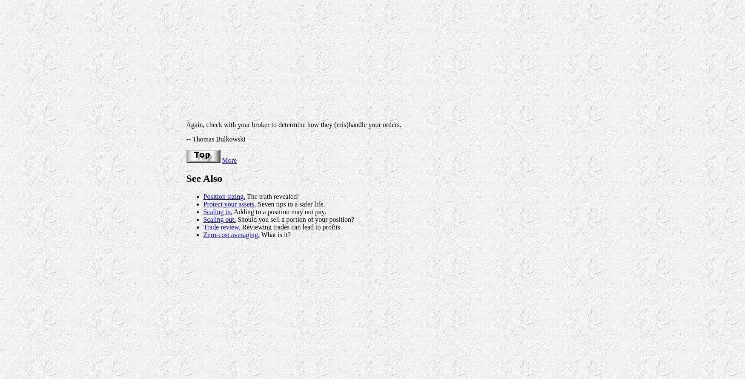 The image size is (745, 379). Describe the element at coordinates (221, 226) in the screenshot. I see `'Trade review.'` at that location.